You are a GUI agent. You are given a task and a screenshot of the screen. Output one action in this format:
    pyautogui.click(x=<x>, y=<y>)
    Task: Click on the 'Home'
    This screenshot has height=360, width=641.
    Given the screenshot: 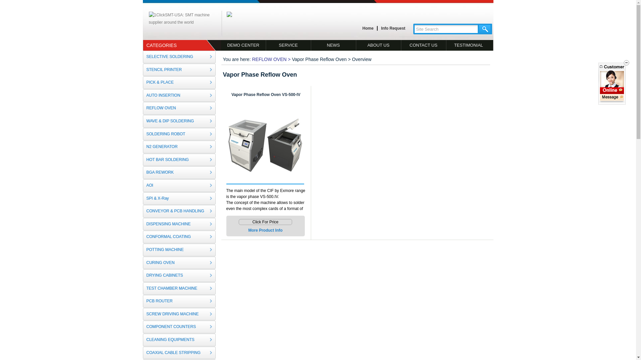 What is the action you would take?
    pyautogui.click(x=367, y=28)
    